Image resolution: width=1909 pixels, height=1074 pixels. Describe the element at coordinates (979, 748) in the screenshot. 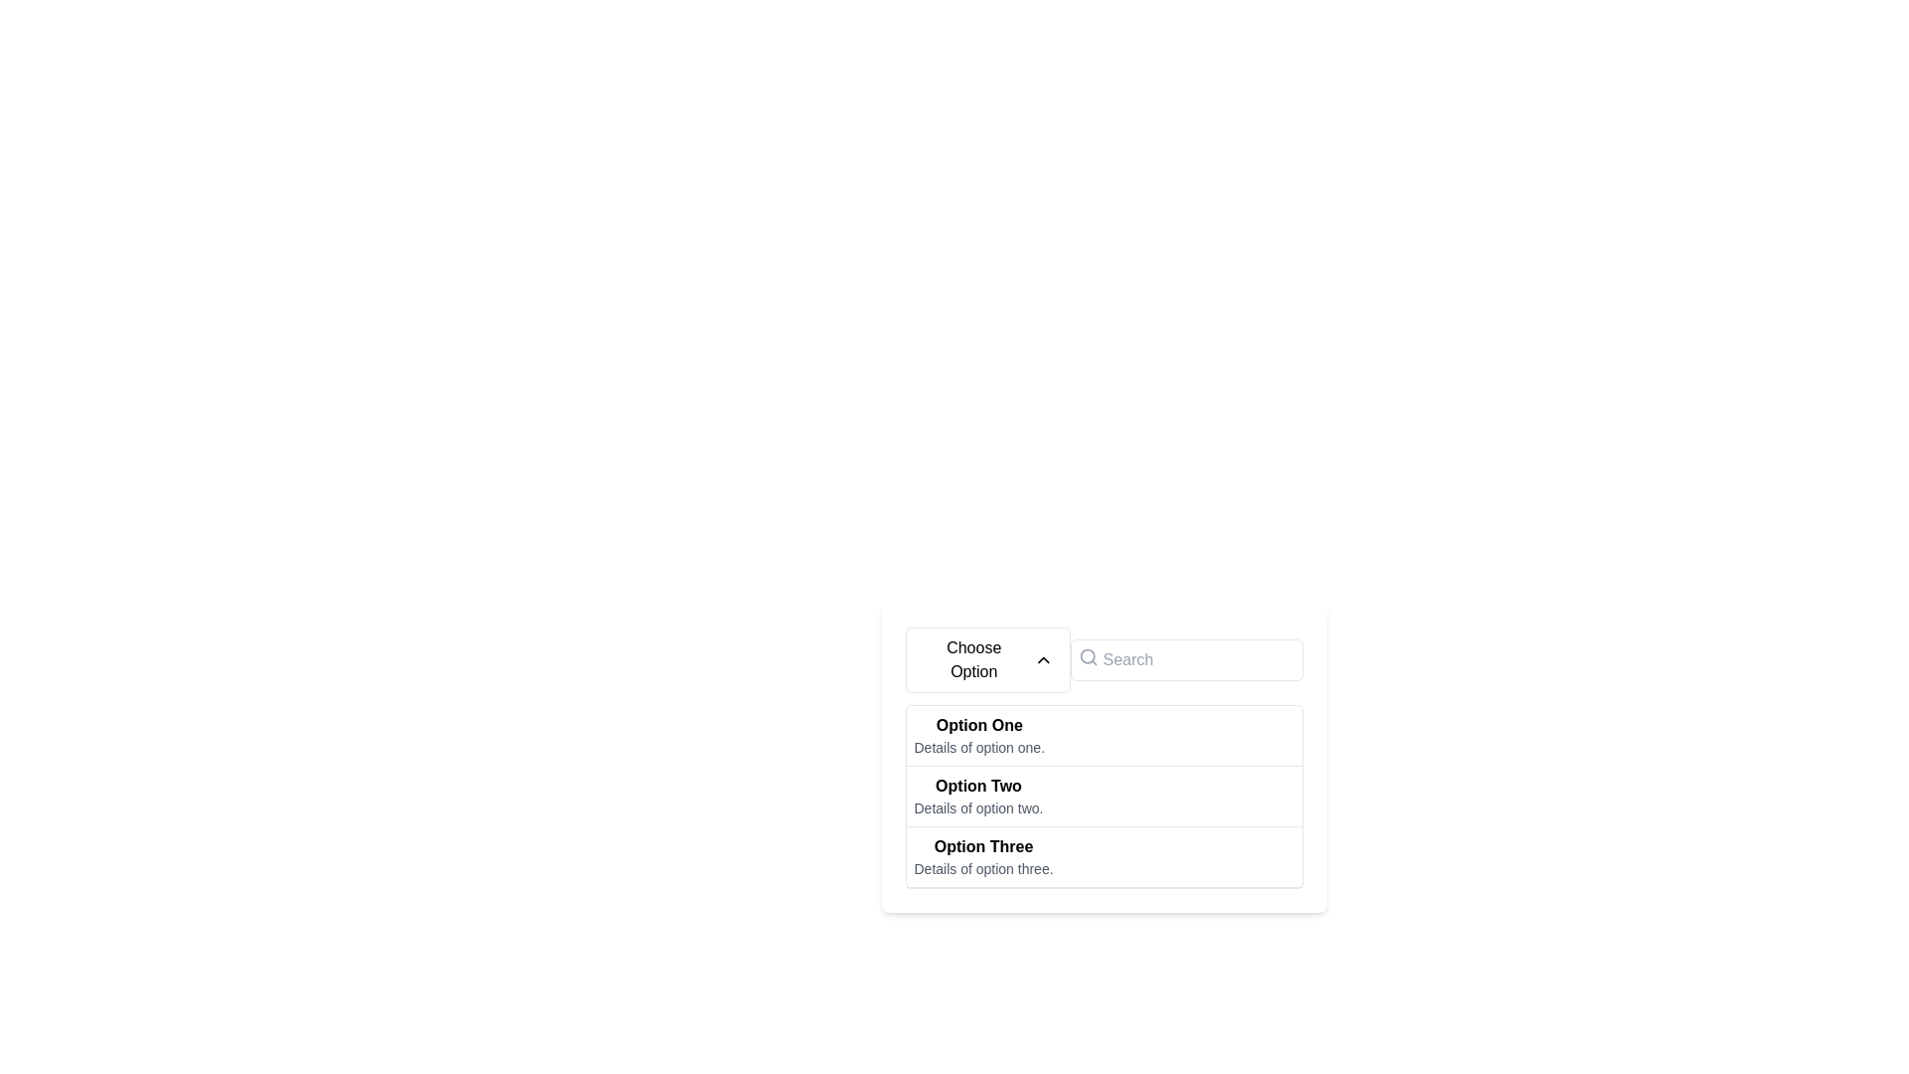

I see `the descriptive text label located directly under the bolded title 'Option One' in the dropdown options list` at that location.